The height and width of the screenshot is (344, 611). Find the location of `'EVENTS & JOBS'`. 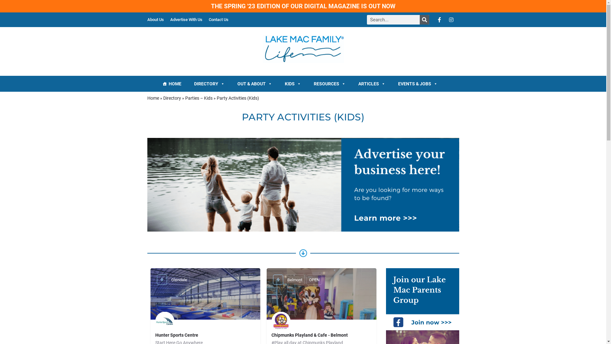

'EVENTS & JOBS' is located at coordinates (418, 83).